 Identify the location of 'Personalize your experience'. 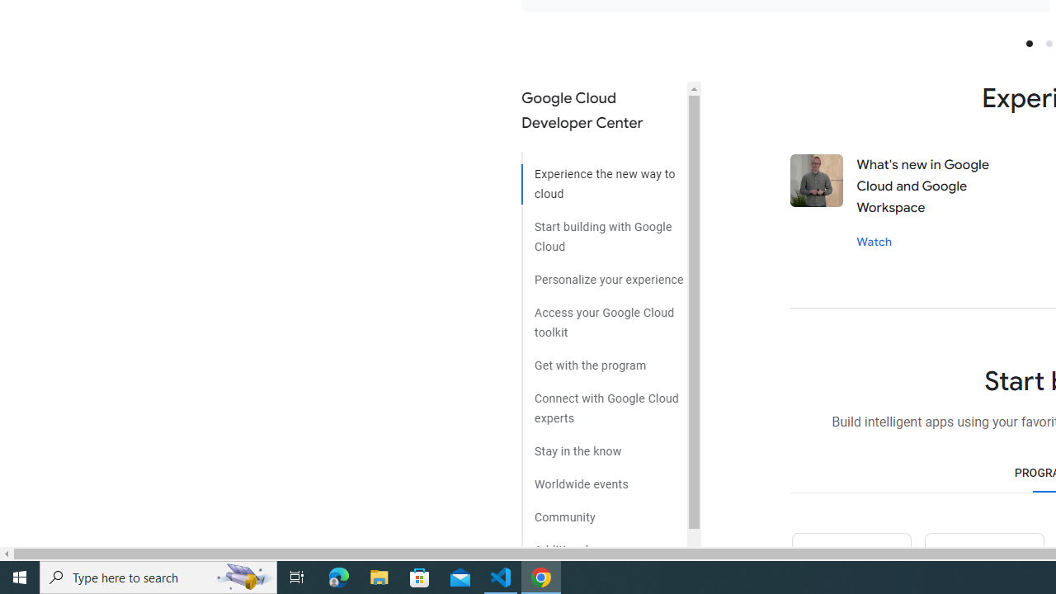
(603, 272).